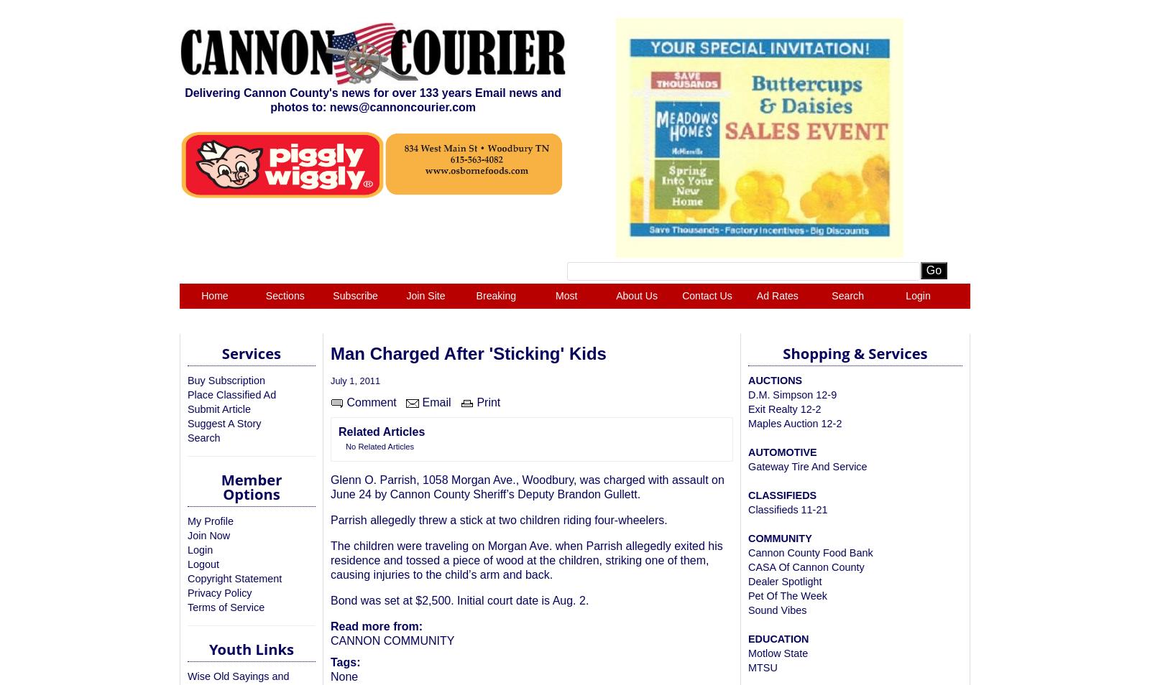  I want to click on 'AUTOMOTIVE', so click(782, 452).